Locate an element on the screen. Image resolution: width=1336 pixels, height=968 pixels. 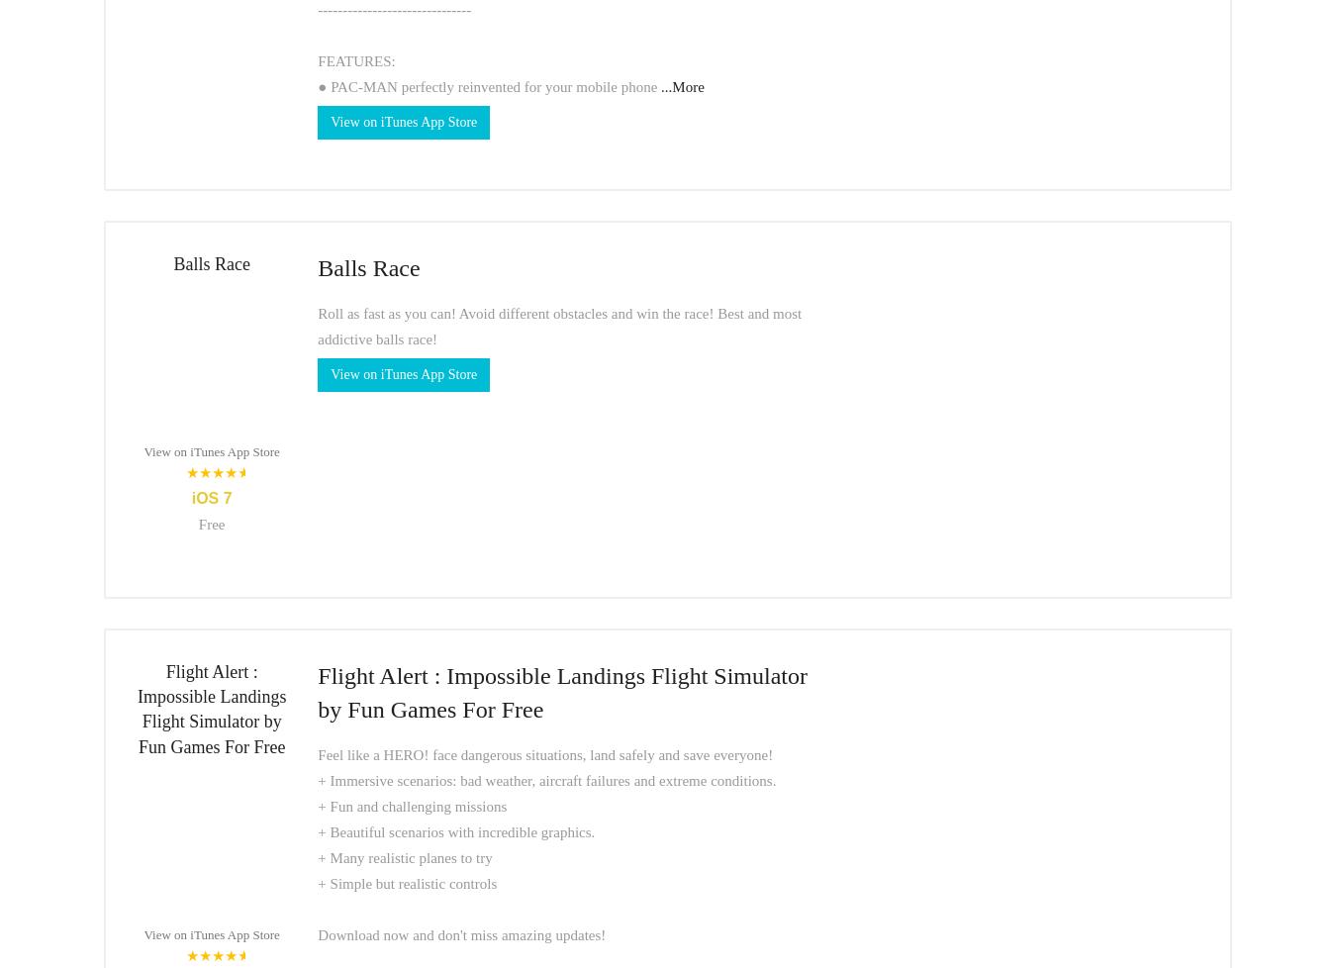
'+ Beautiful scenarios with incredible graphics.' is located at coordinates (455, 830).